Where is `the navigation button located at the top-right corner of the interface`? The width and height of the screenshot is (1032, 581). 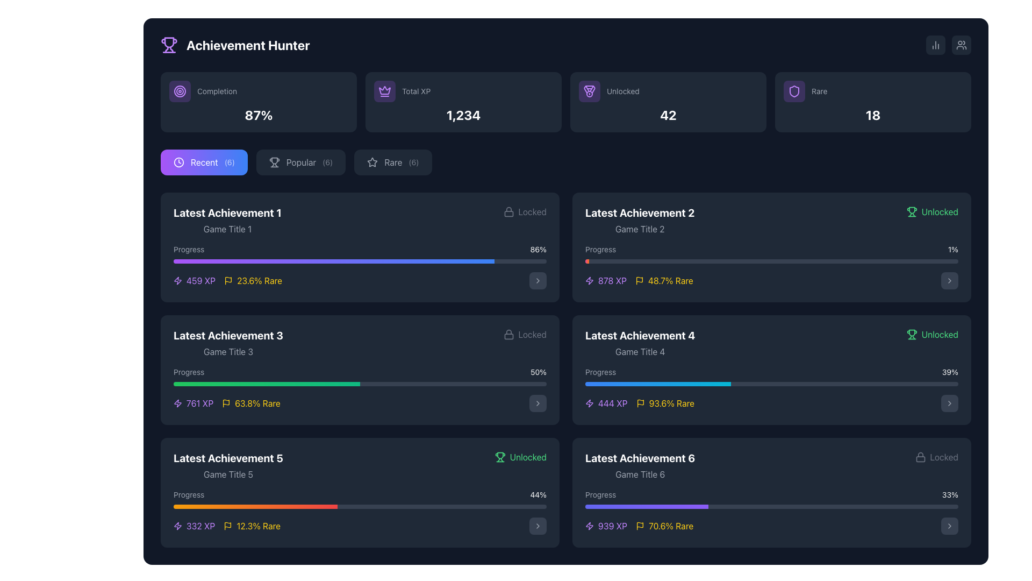 the navigation button located at the top-right corner of the interface is located at coordinates (962, 45).